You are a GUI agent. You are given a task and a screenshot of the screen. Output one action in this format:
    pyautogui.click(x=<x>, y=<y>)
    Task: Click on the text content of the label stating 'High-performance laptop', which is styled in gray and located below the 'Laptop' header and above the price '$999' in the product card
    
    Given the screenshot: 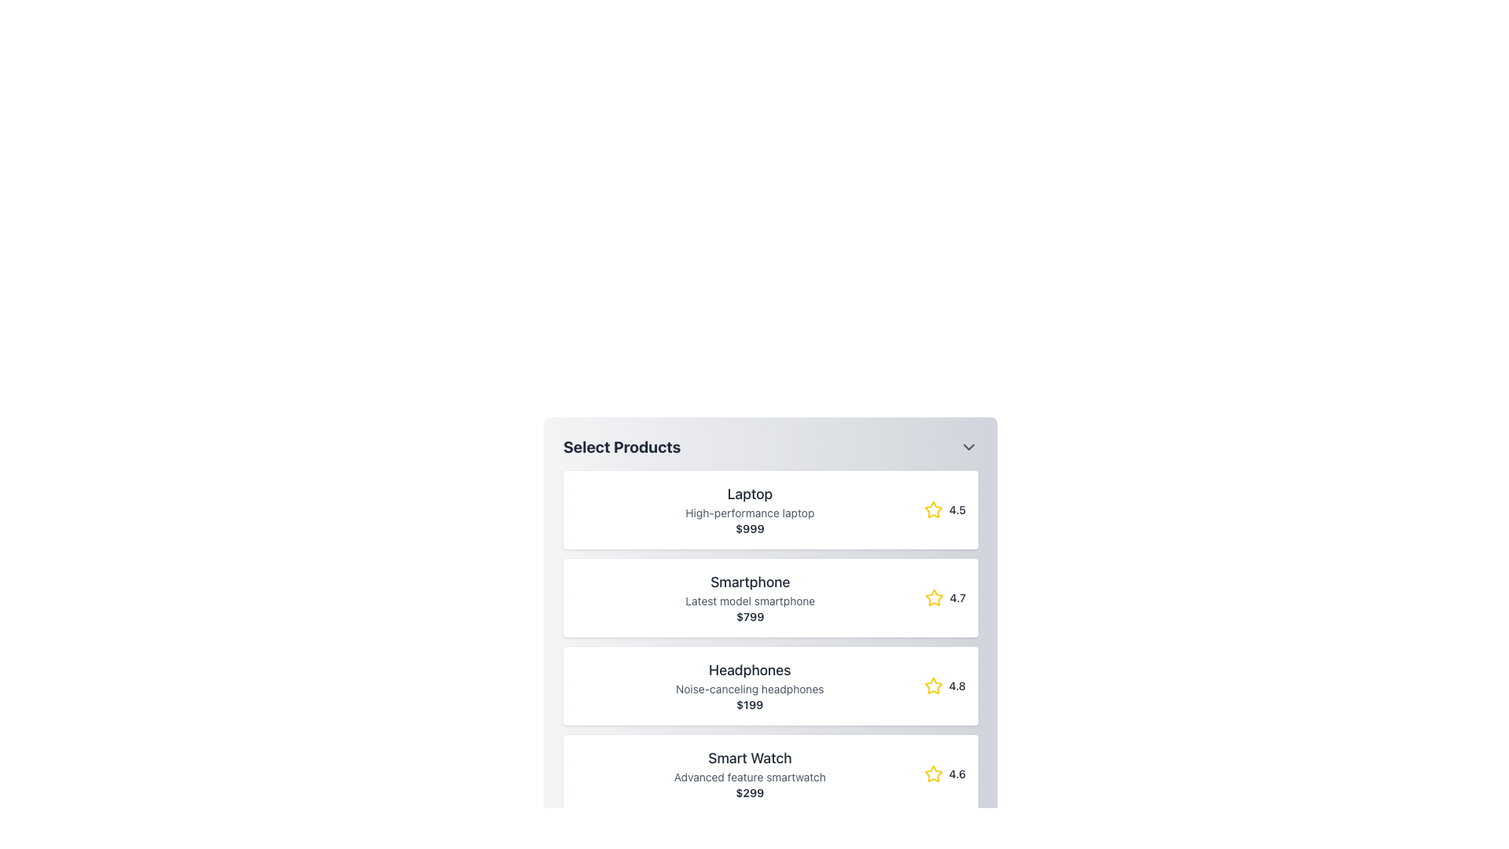 What is the action you would take?
    pyautogui.click(x=749, y=513)
    